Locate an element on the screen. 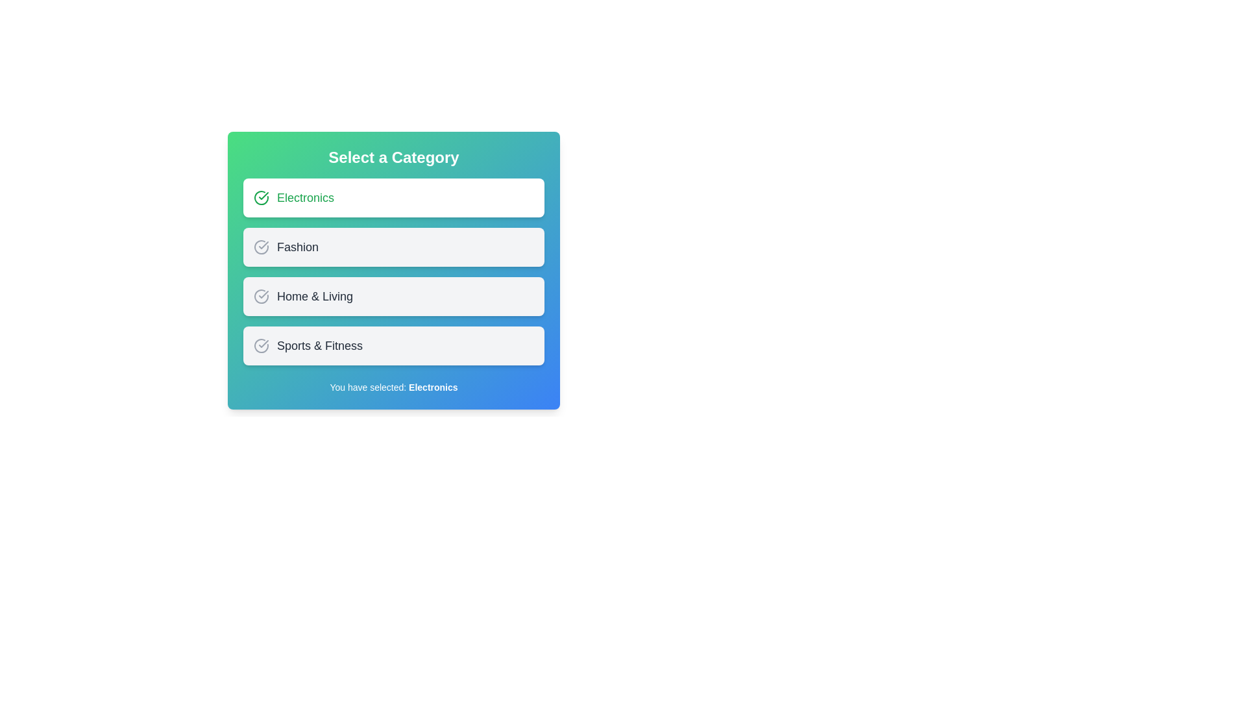  text of the 'Electronics' category label, which is part of a selectable button located at the top of the category selection list with a white background and green text is located at coordinates (304, 197).